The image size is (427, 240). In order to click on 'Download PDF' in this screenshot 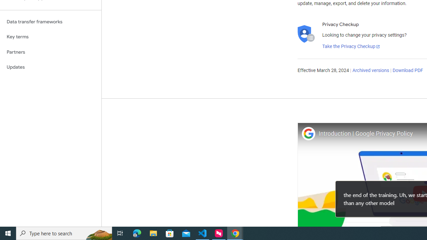, I will do `click(407, 71)`.